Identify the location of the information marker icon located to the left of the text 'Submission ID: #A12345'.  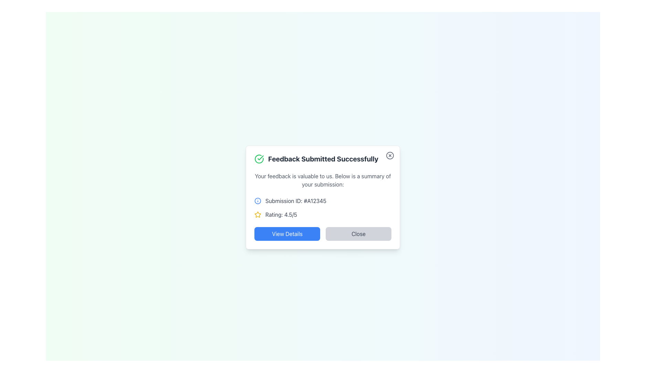
(257, 201).